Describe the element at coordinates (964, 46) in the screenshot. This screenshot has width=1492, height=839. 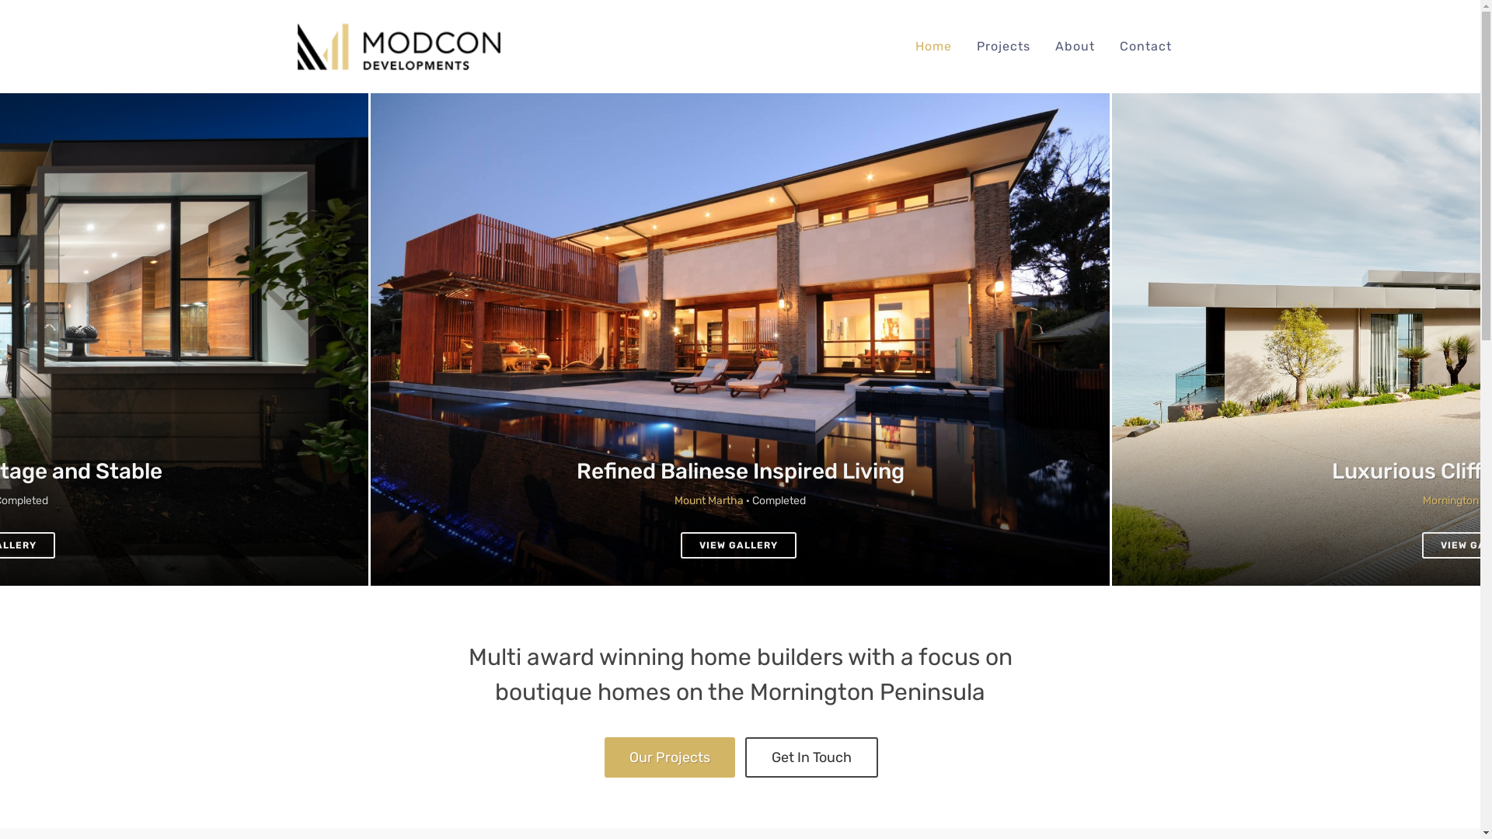
I see `'Projects'` at that location.